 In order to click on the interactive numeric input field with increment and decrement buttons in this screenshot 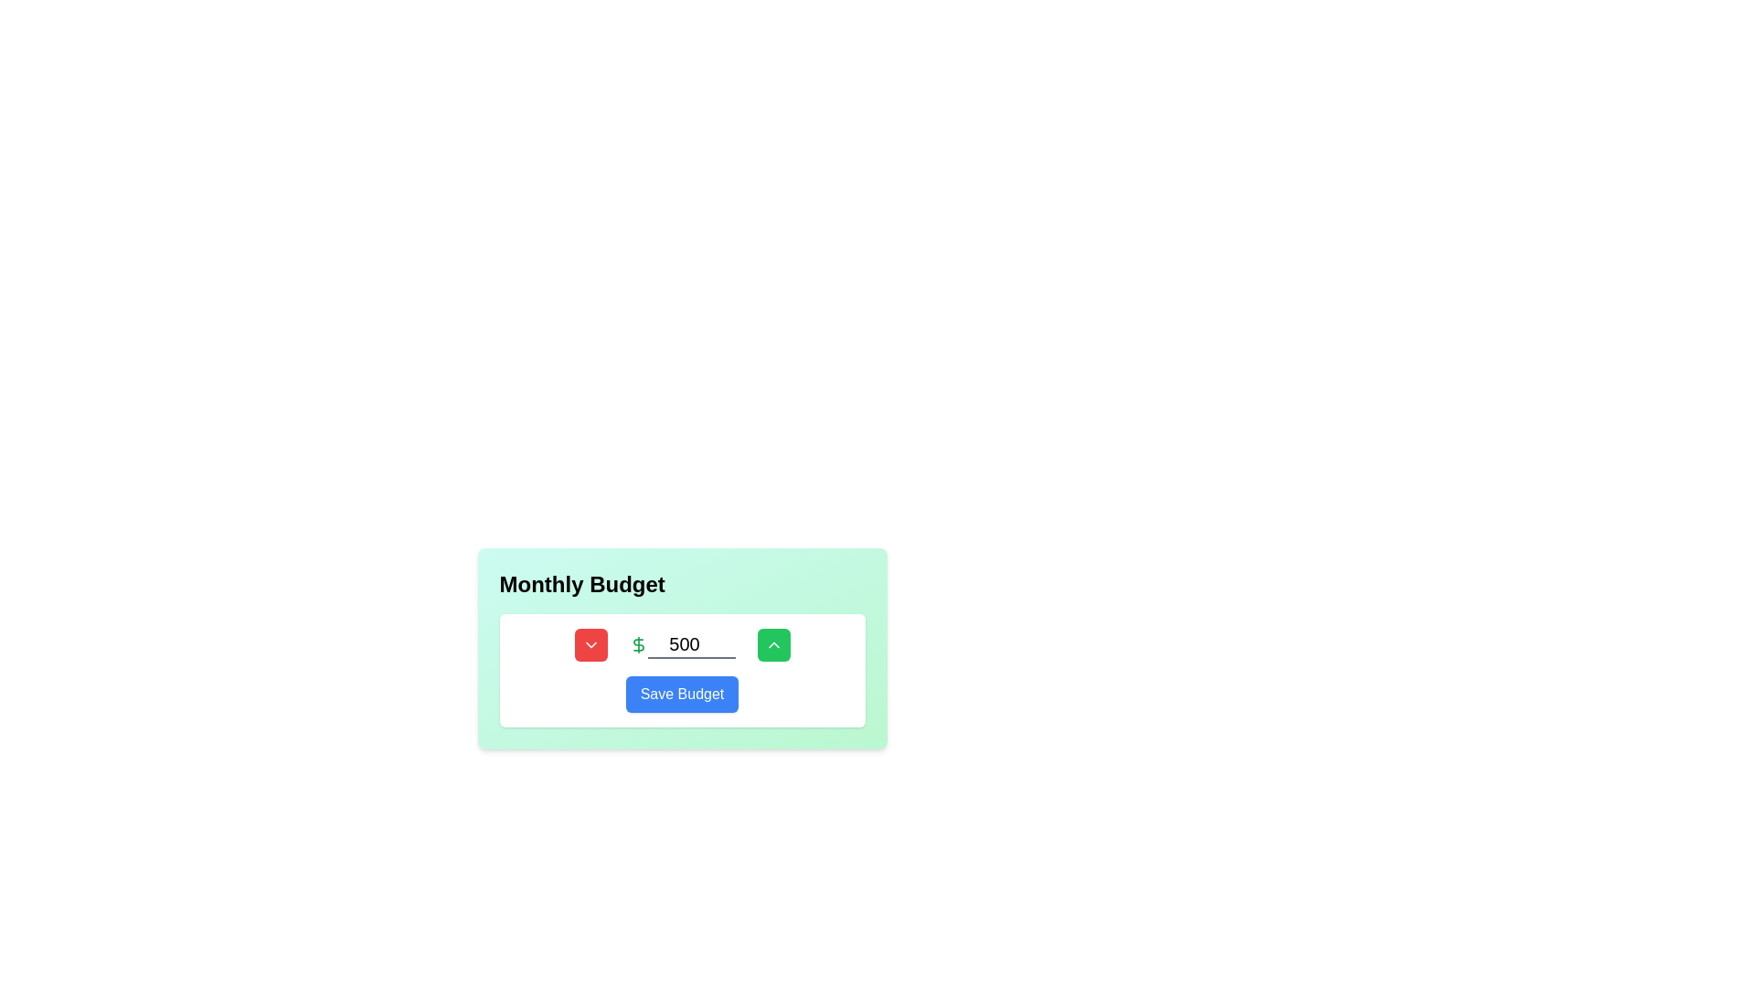, I will do `click(681, 643)`.